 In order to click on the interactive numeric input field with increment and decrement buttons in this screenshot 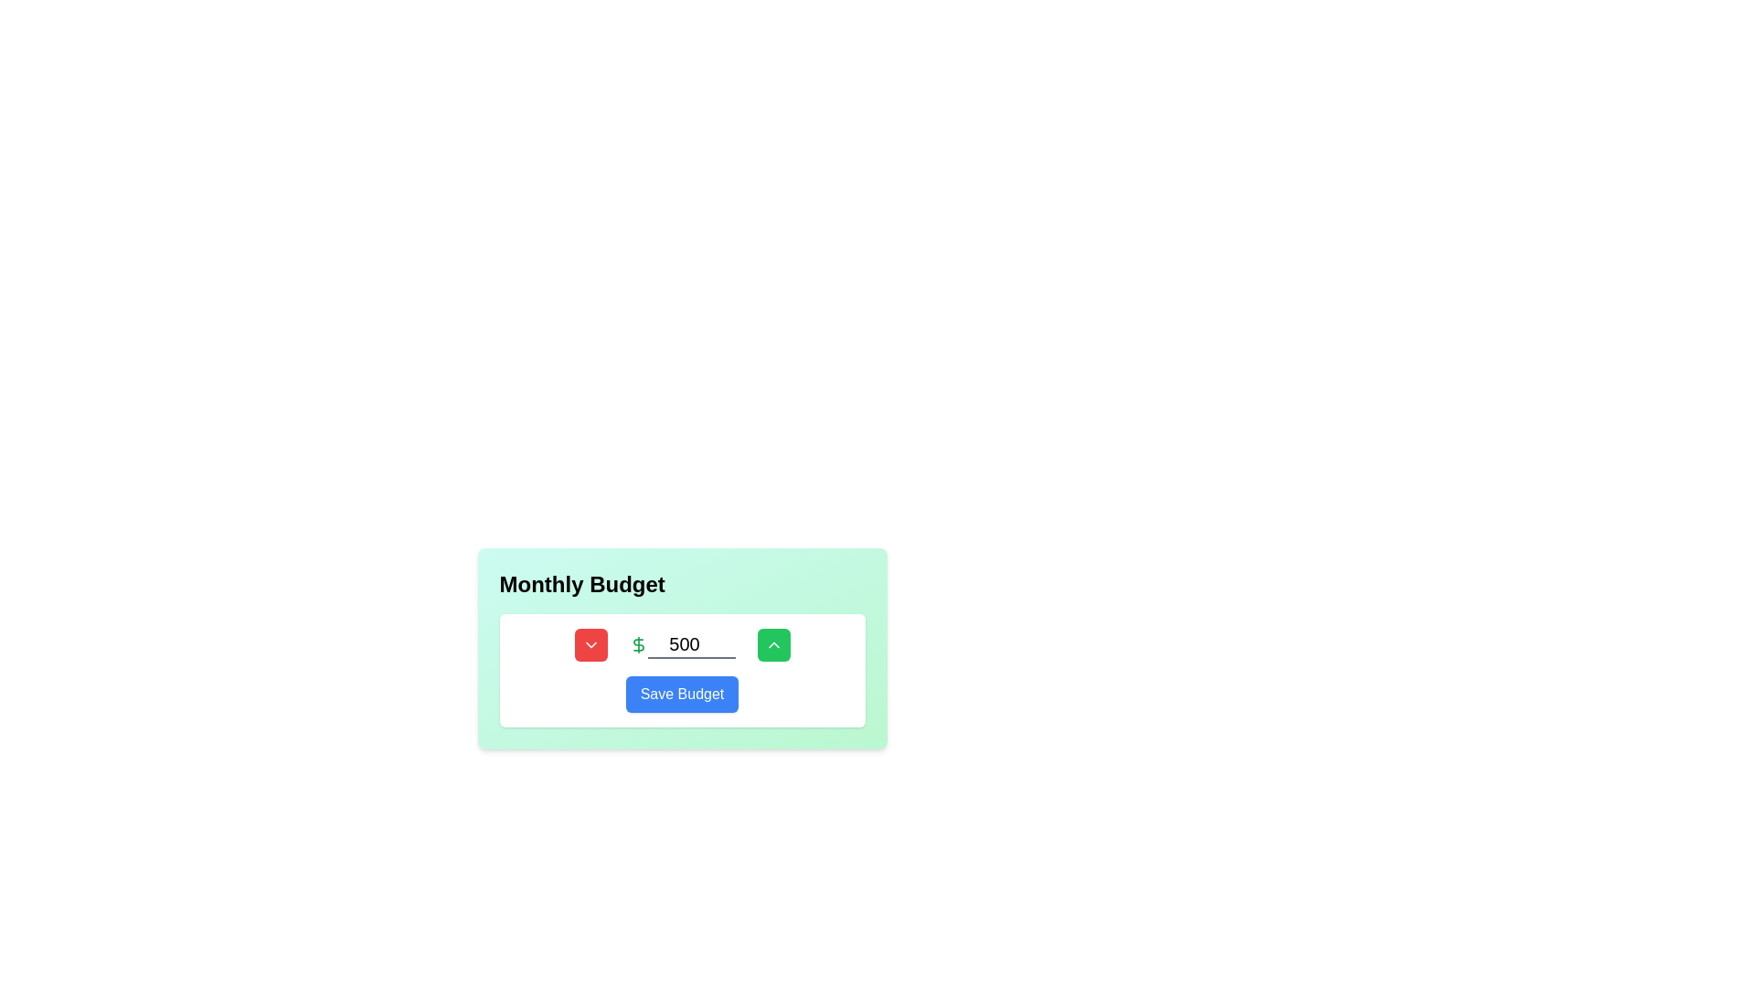, I will do `click(681, 643)`.